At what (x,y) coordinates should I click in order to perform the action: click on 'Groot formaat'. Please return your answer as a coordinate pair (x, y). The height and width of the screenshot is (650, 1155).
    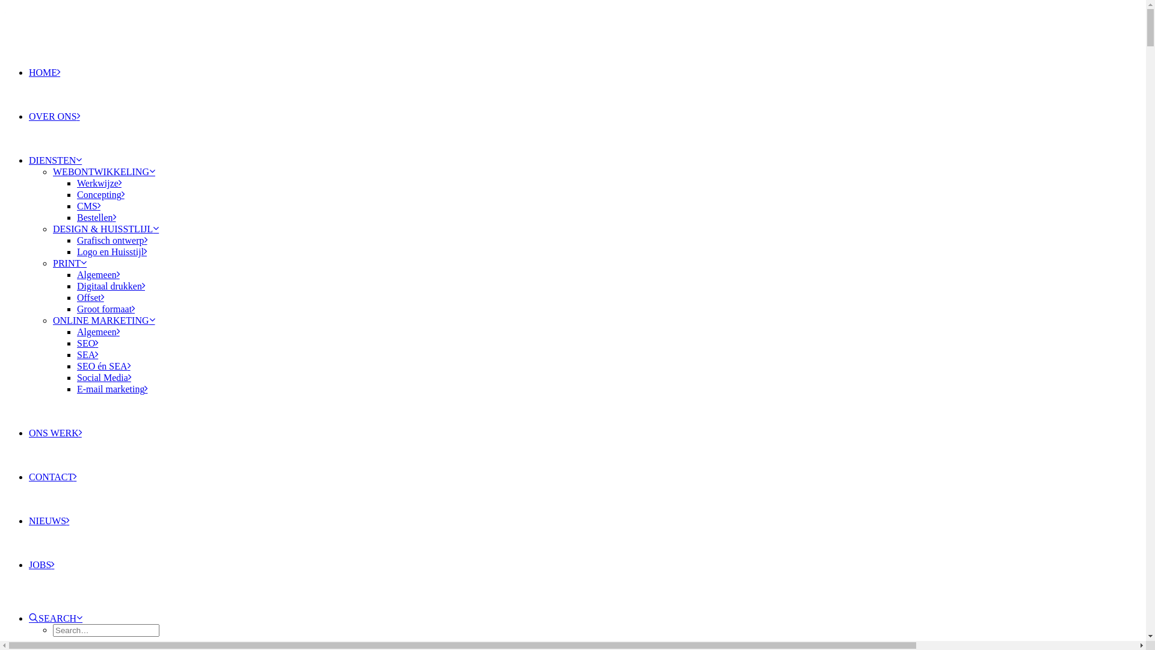
    Looking at the image, I should click on (76, 308).